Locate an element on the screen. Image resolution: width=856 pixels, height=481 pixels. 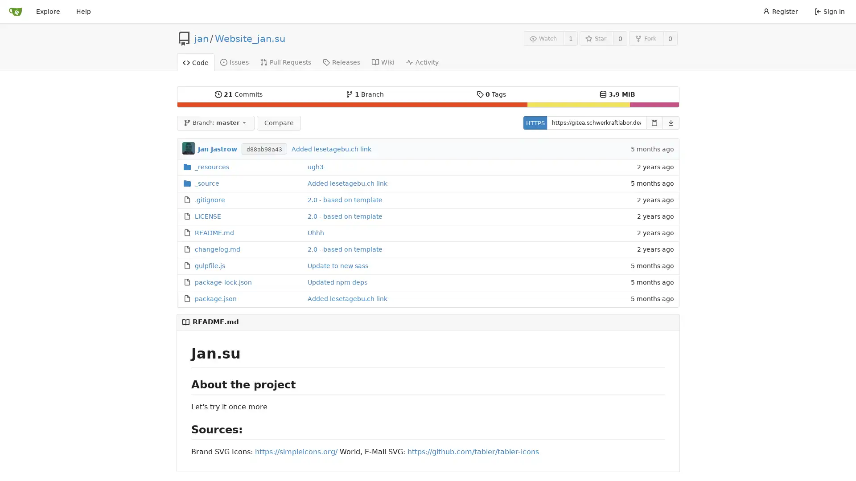
Compare is located at coordinates (278, 123).